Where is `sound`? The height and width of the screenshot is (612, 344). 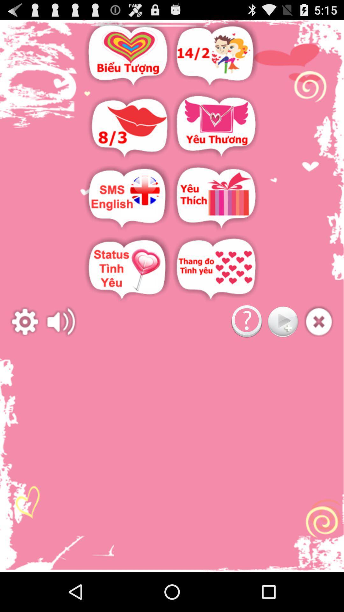
sound is located at coordinates (61, 322).